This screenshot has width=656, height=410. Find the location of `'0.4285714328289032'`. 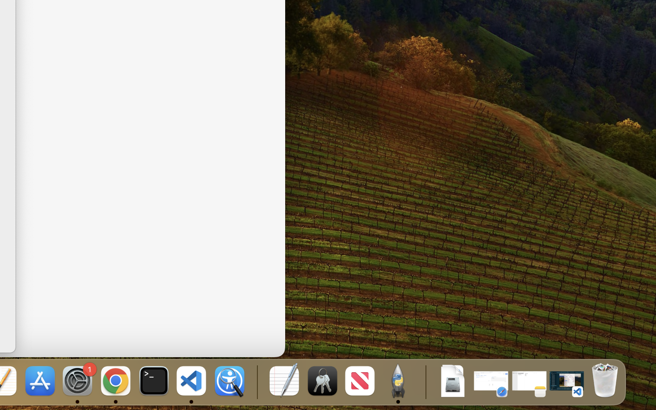

'0.4285714328289032' is located at coordinates (256, 381).